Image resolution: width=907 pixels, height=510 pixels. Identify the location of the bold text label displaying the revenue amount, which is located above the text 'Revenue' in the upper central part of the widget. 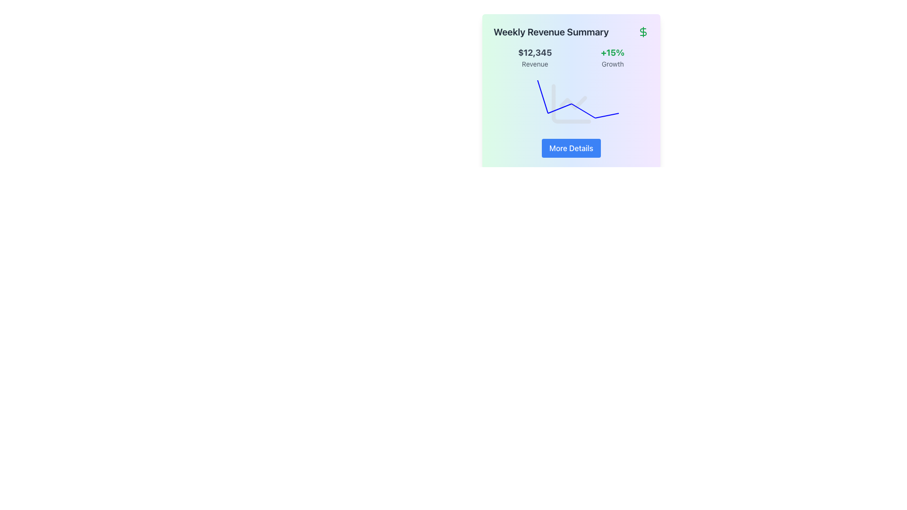
(535, 52).